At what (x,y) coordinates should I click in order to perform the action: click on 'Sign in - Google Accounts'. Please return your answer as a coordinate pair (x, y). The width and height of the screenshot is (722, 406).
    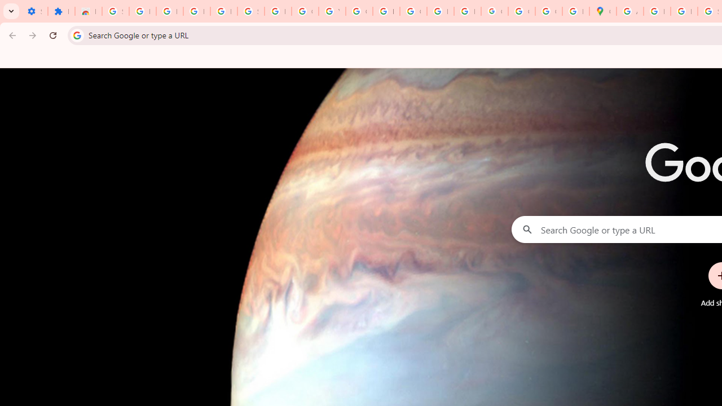
    Looking at the image, I should click on (115, 11).